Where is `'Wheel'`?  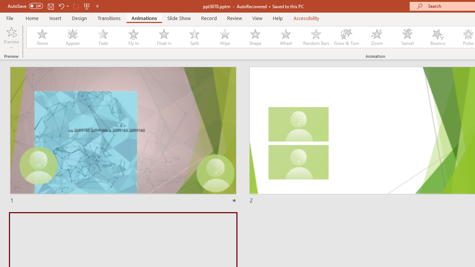
'Wheel' is located at coordinates (285, 37).